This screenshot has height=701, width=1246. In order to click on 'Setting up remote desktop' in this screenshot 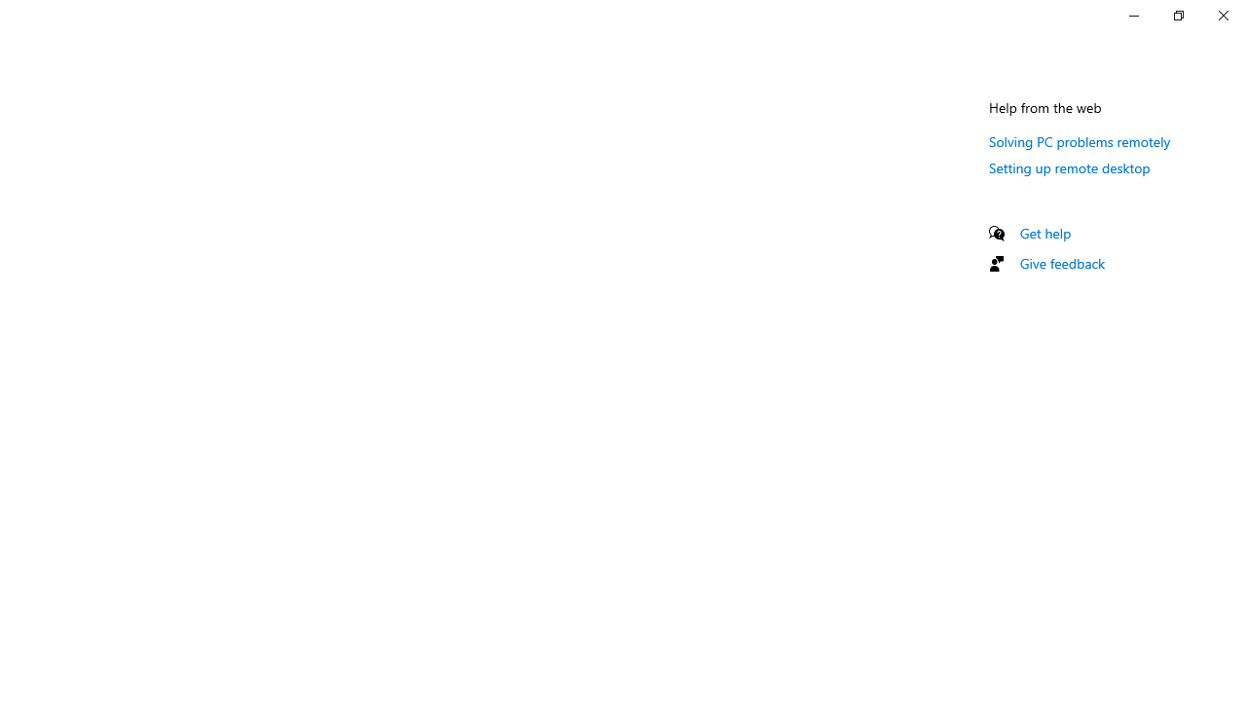, I will do `click(1068, 166)`.